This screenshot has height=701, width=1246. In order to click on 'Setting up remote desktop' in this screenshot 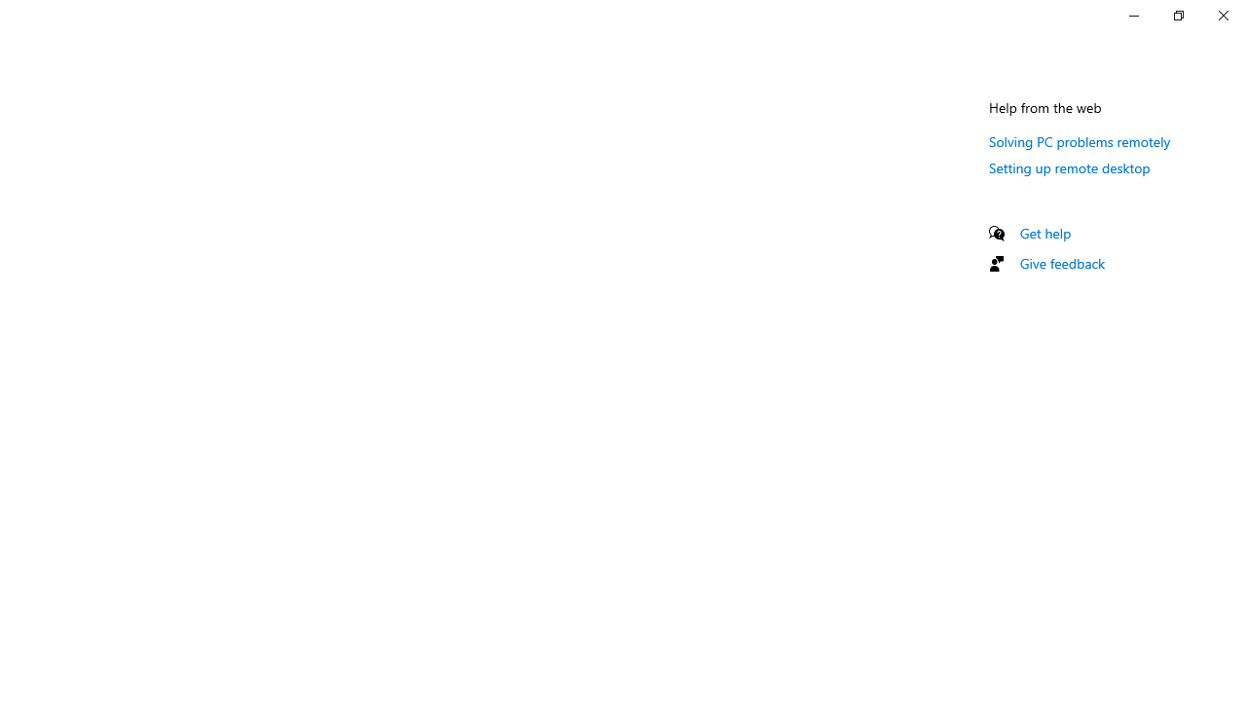, I will do `click(1068, 166)`.